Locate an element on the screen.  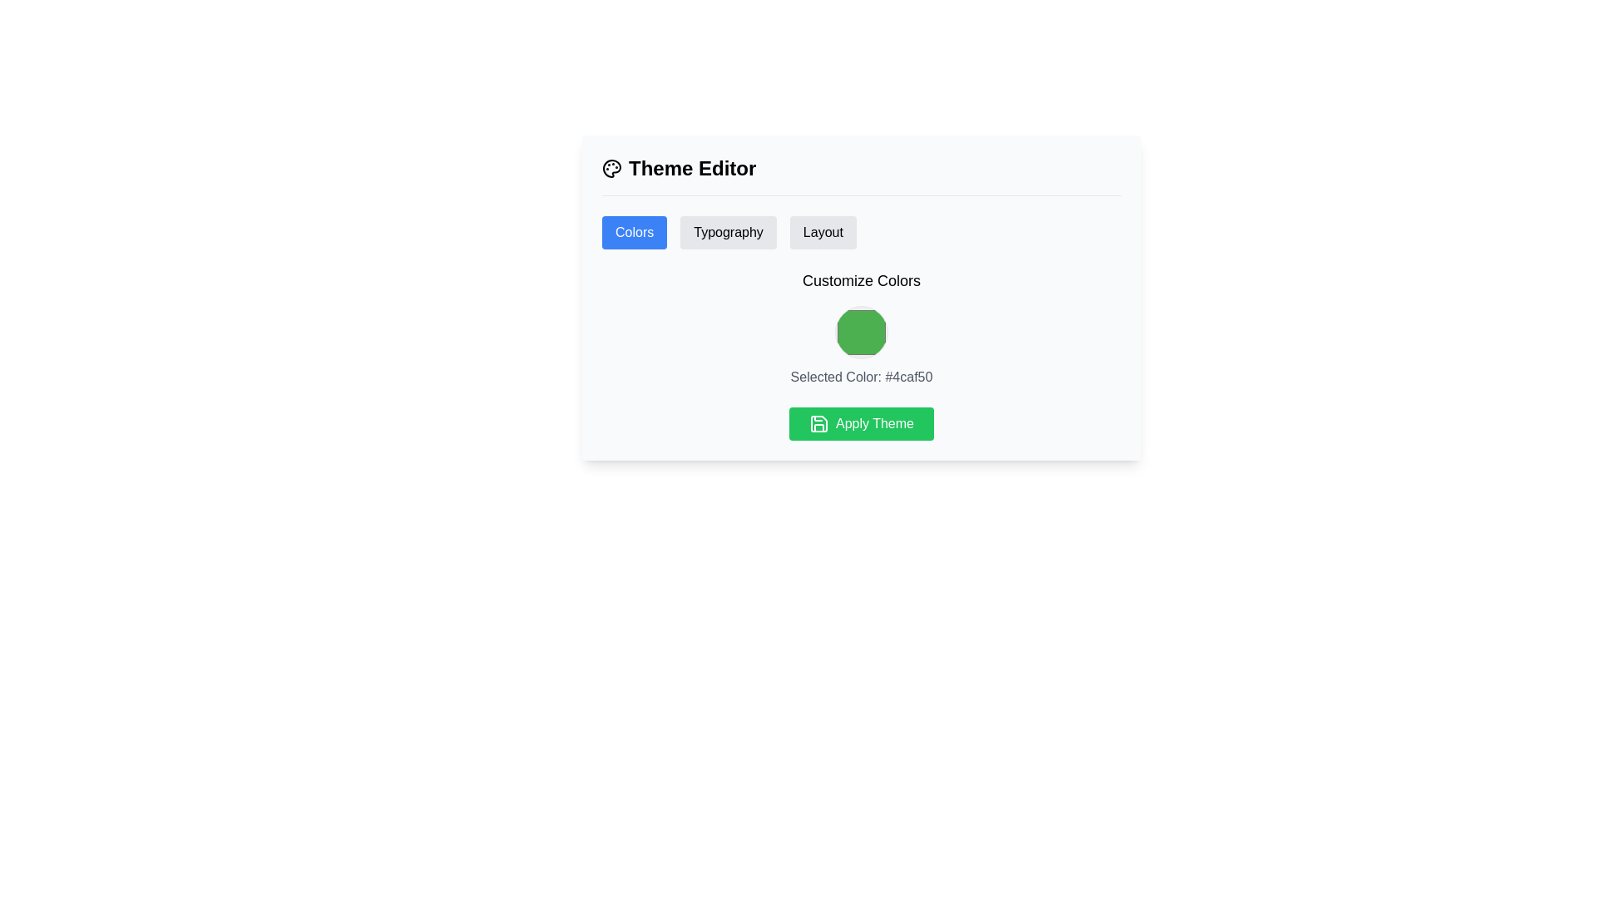
the visual color representation component located in the 'Theme Editor' section below the 'Colors', 'Typography', and 'Layout' tabs is located at coordinates (862, 328).